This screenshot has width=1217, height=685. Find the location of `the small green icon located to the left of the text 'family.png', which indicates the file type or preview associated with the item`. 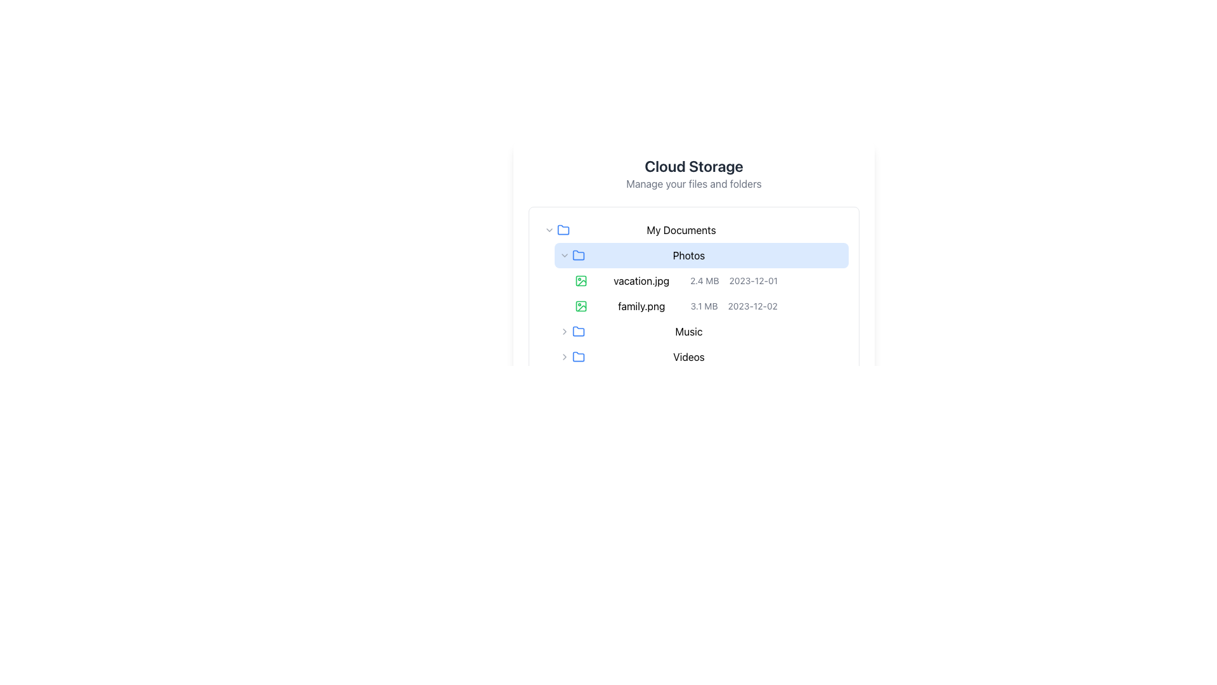

the small green icon located to the left of the text 'family.png', which indicates the file type or preview associated with the item is located at coordinates (580, 306).